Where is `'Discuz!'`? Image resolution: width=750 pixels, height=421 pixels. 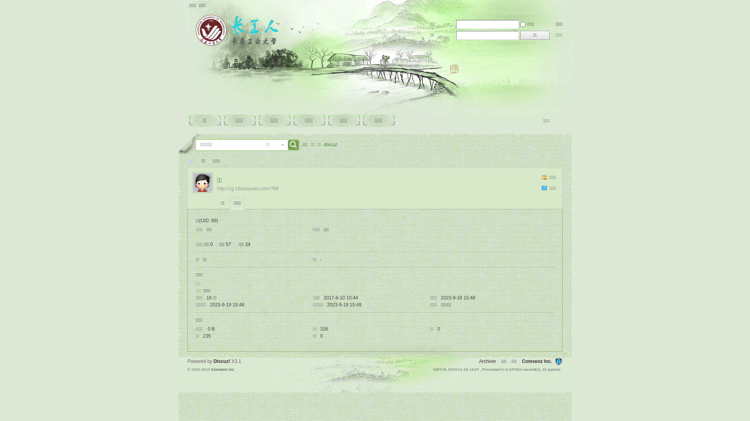
'Discuz!' is located at coordinates (221, 361).